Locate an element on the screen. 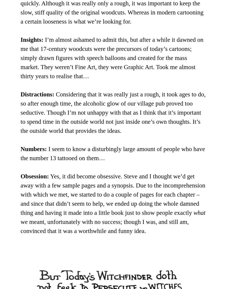 The image size is (227, 289). 'Obsession:' is located at coordinates (34, 176).